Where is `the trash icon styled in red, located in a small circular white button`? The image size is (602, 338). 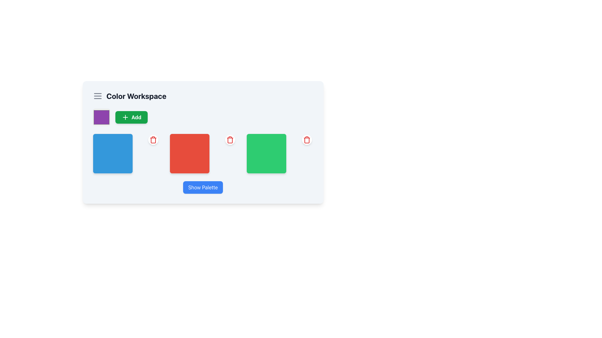
the trash icon styled in red, located in a small circular white button is located at coordinates (230, 140).